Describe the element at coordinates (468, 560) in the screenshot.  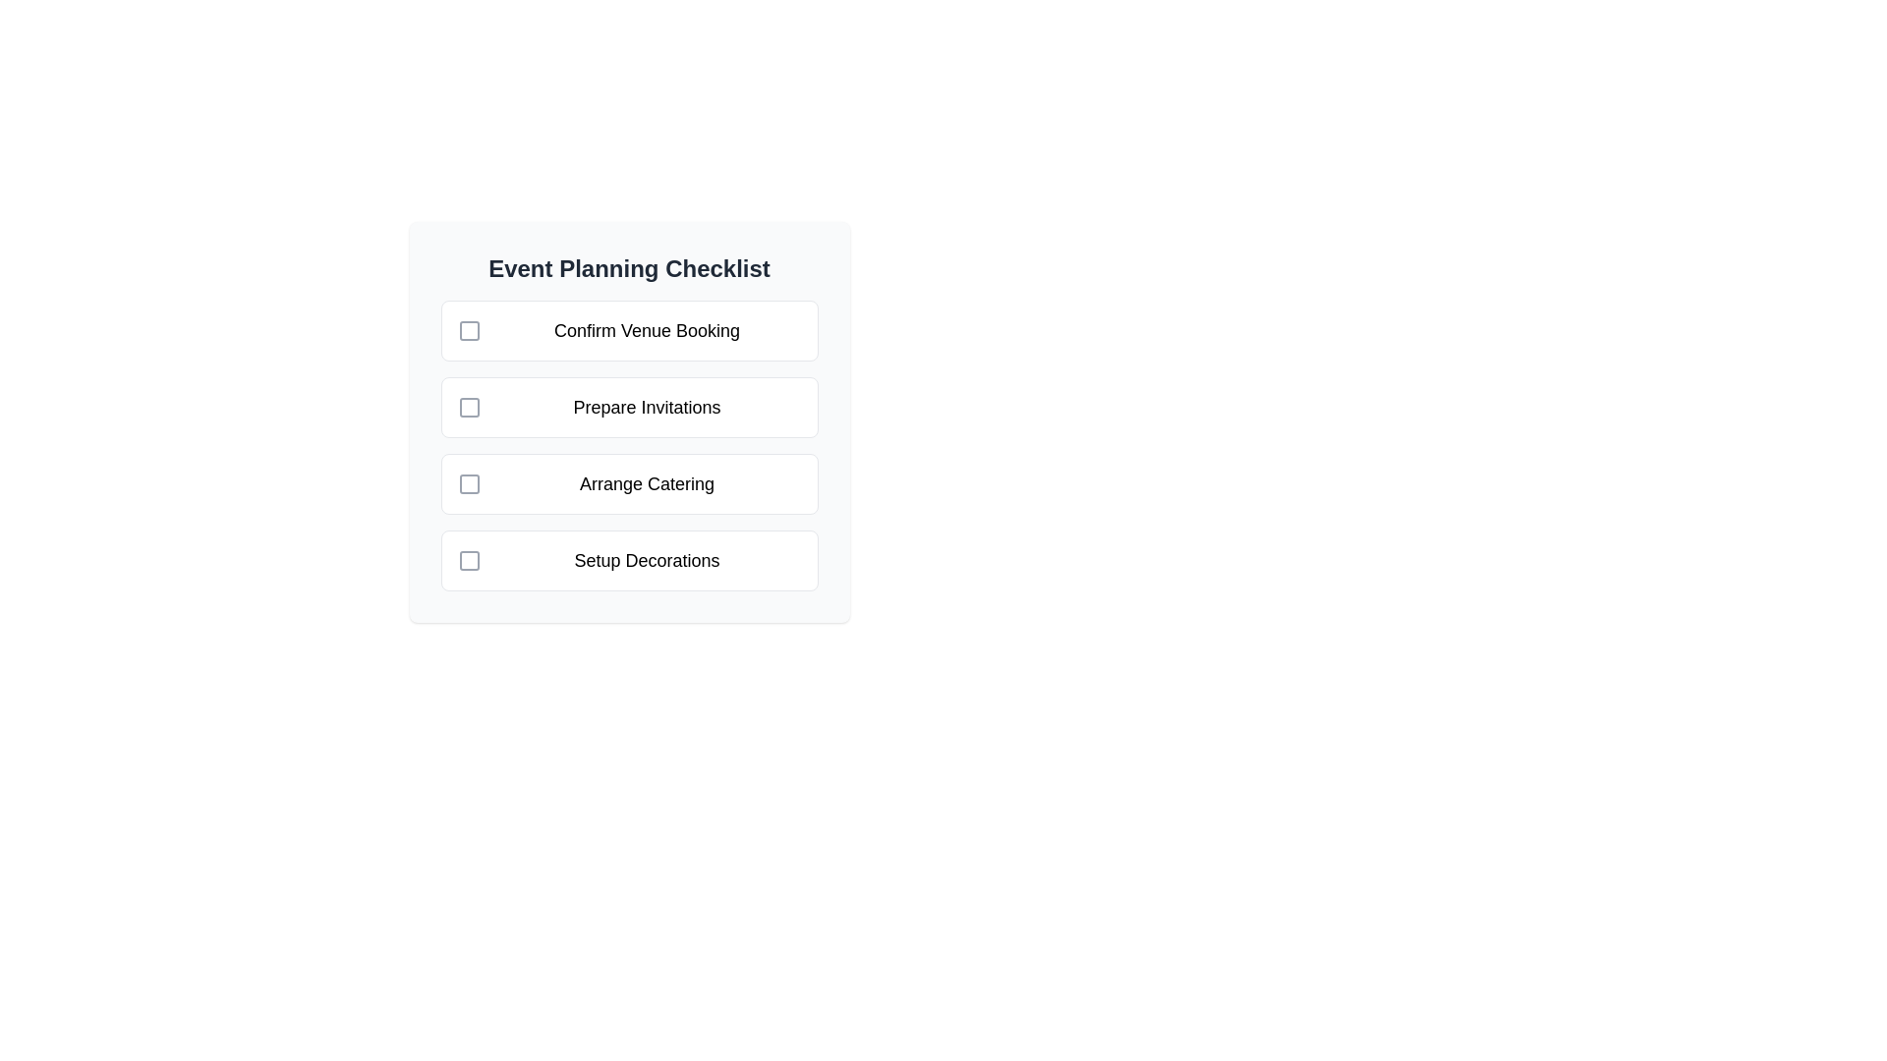
I see `the checkbox at the beginning of the 'Setup Decorations' item in the 'Event Planning Checklist'` at that location.